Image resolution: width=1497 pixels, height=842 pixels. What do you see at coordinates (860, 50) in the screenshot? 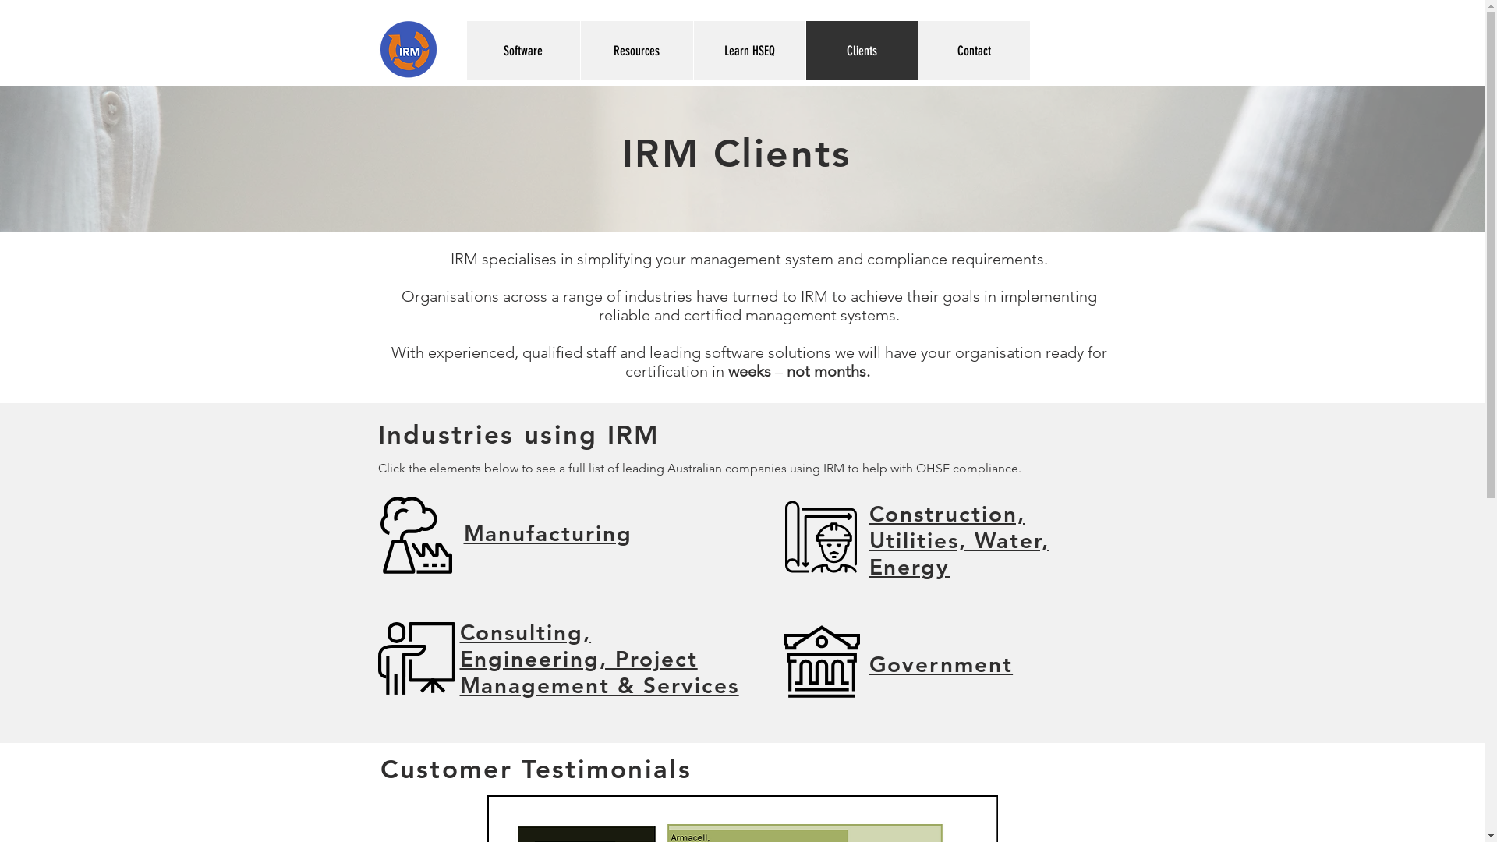
I see `'Clients'` at bounding box center [860, 50].